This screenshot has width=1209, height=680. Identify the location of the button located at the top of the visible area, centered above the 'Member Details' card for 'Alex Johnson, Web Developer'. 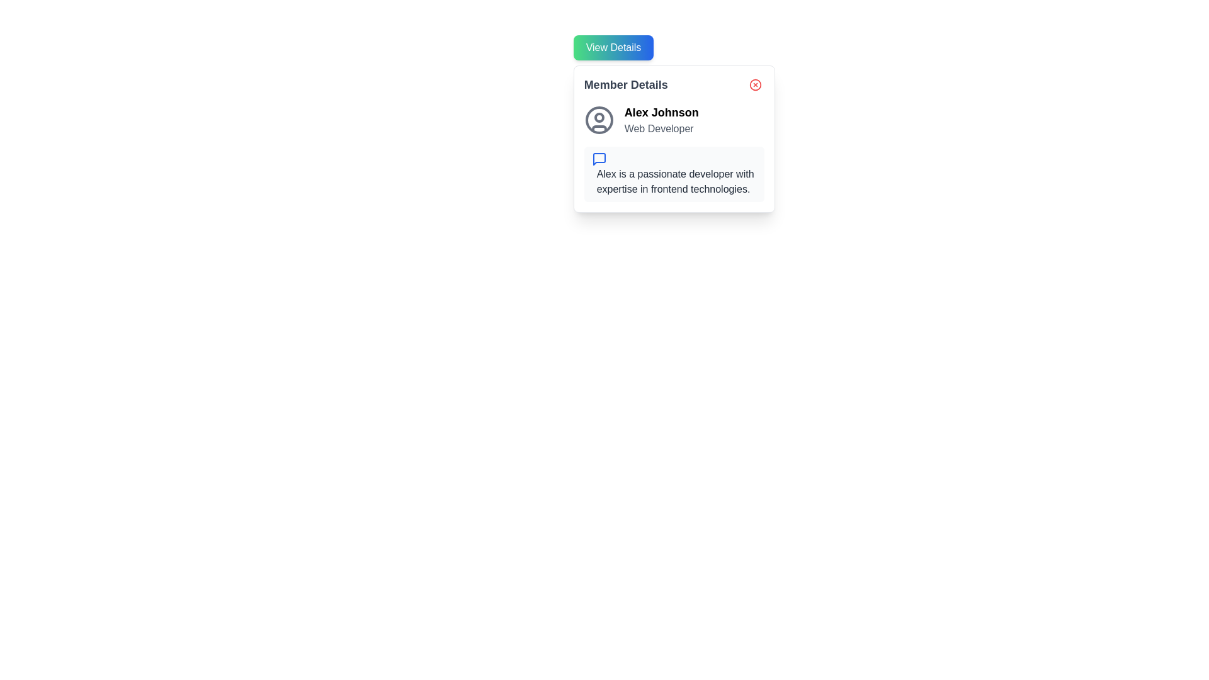
(613, 47).